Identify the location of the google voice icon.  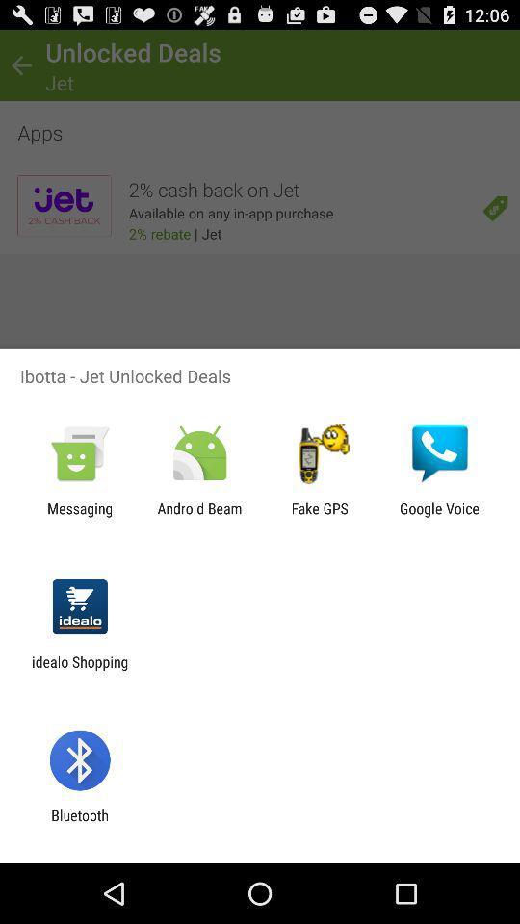
(439, 516).